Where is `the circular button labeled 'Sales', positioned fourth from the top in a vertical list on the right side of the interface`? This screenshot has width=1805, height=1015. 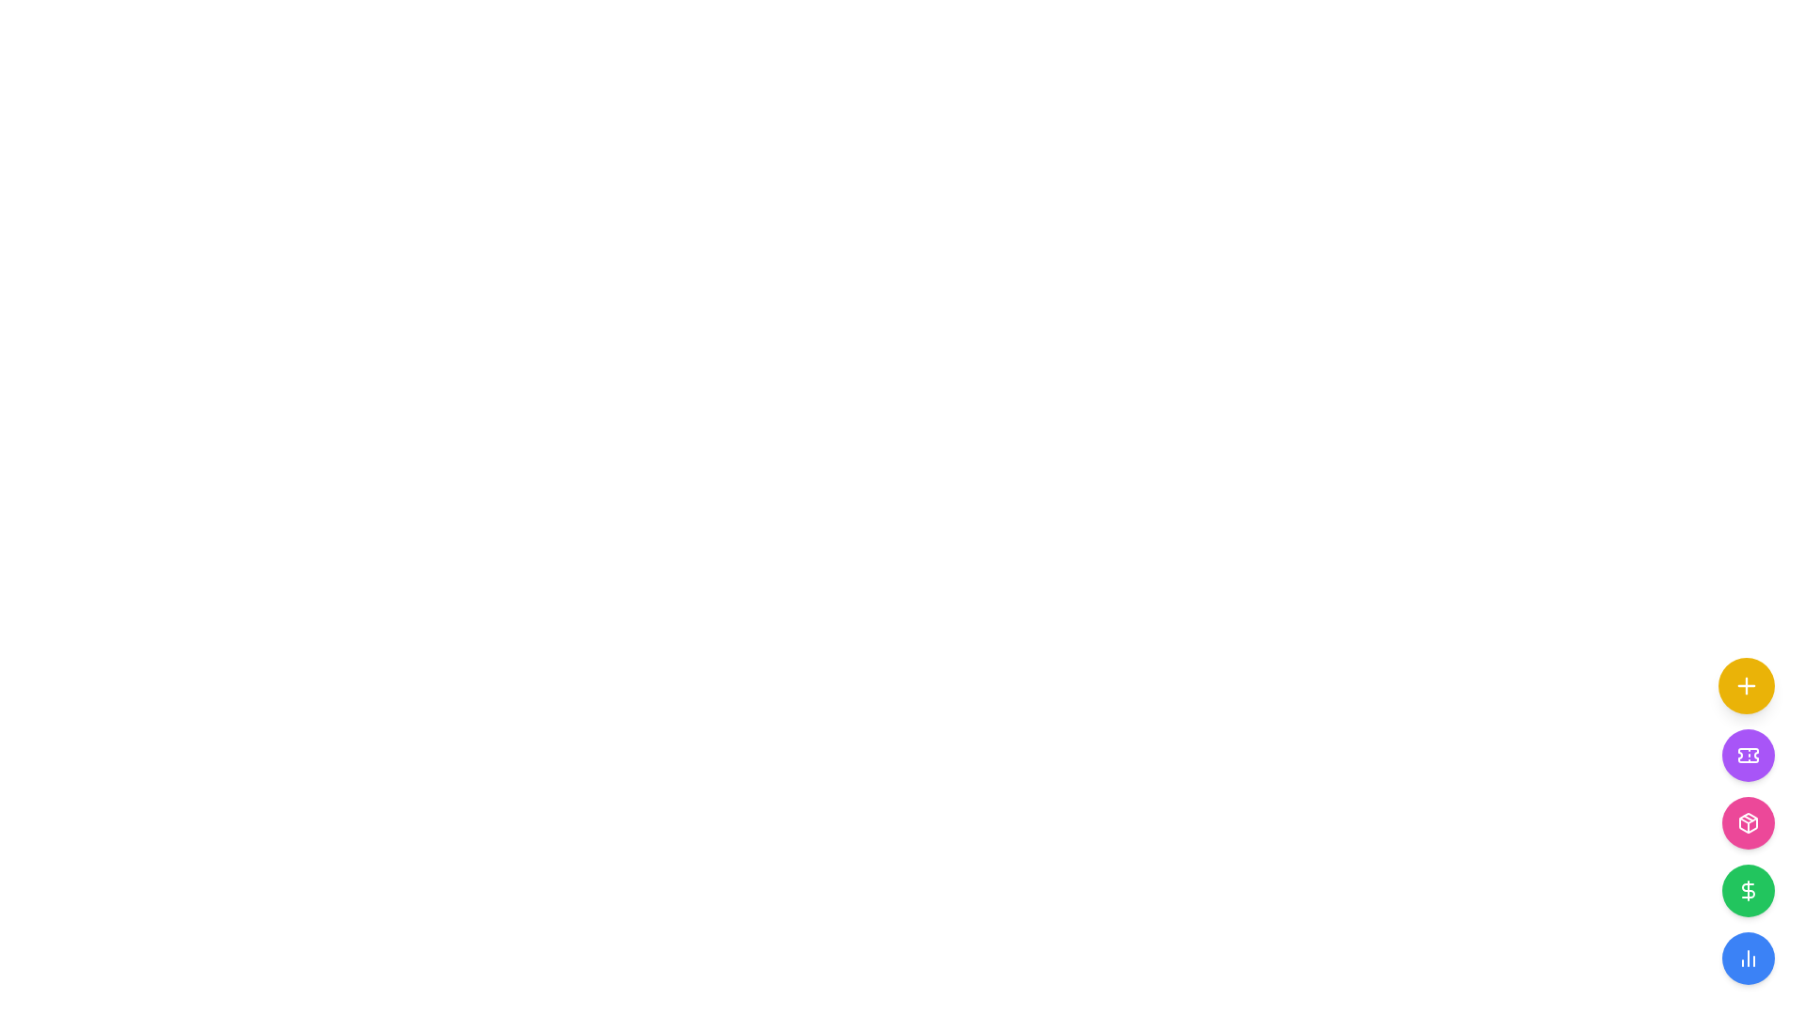 the circular button labeled 'Sales', positioned fourth from the top in a vertical list on the right side of the interface is located at coordinates (1748, 890).